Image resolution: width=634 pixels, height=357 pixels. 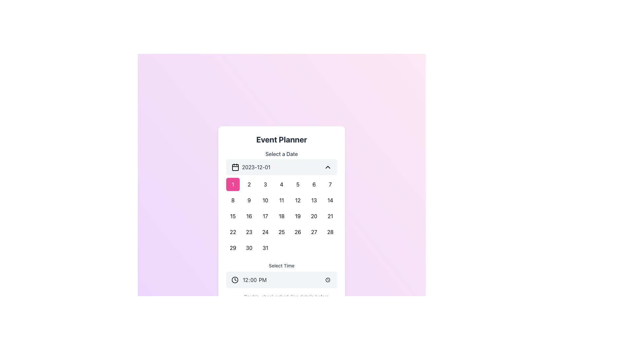 I want to click on the button styled as the 11th day in the calendar grid to trigger the hover effect, so click(x=282, y=200).